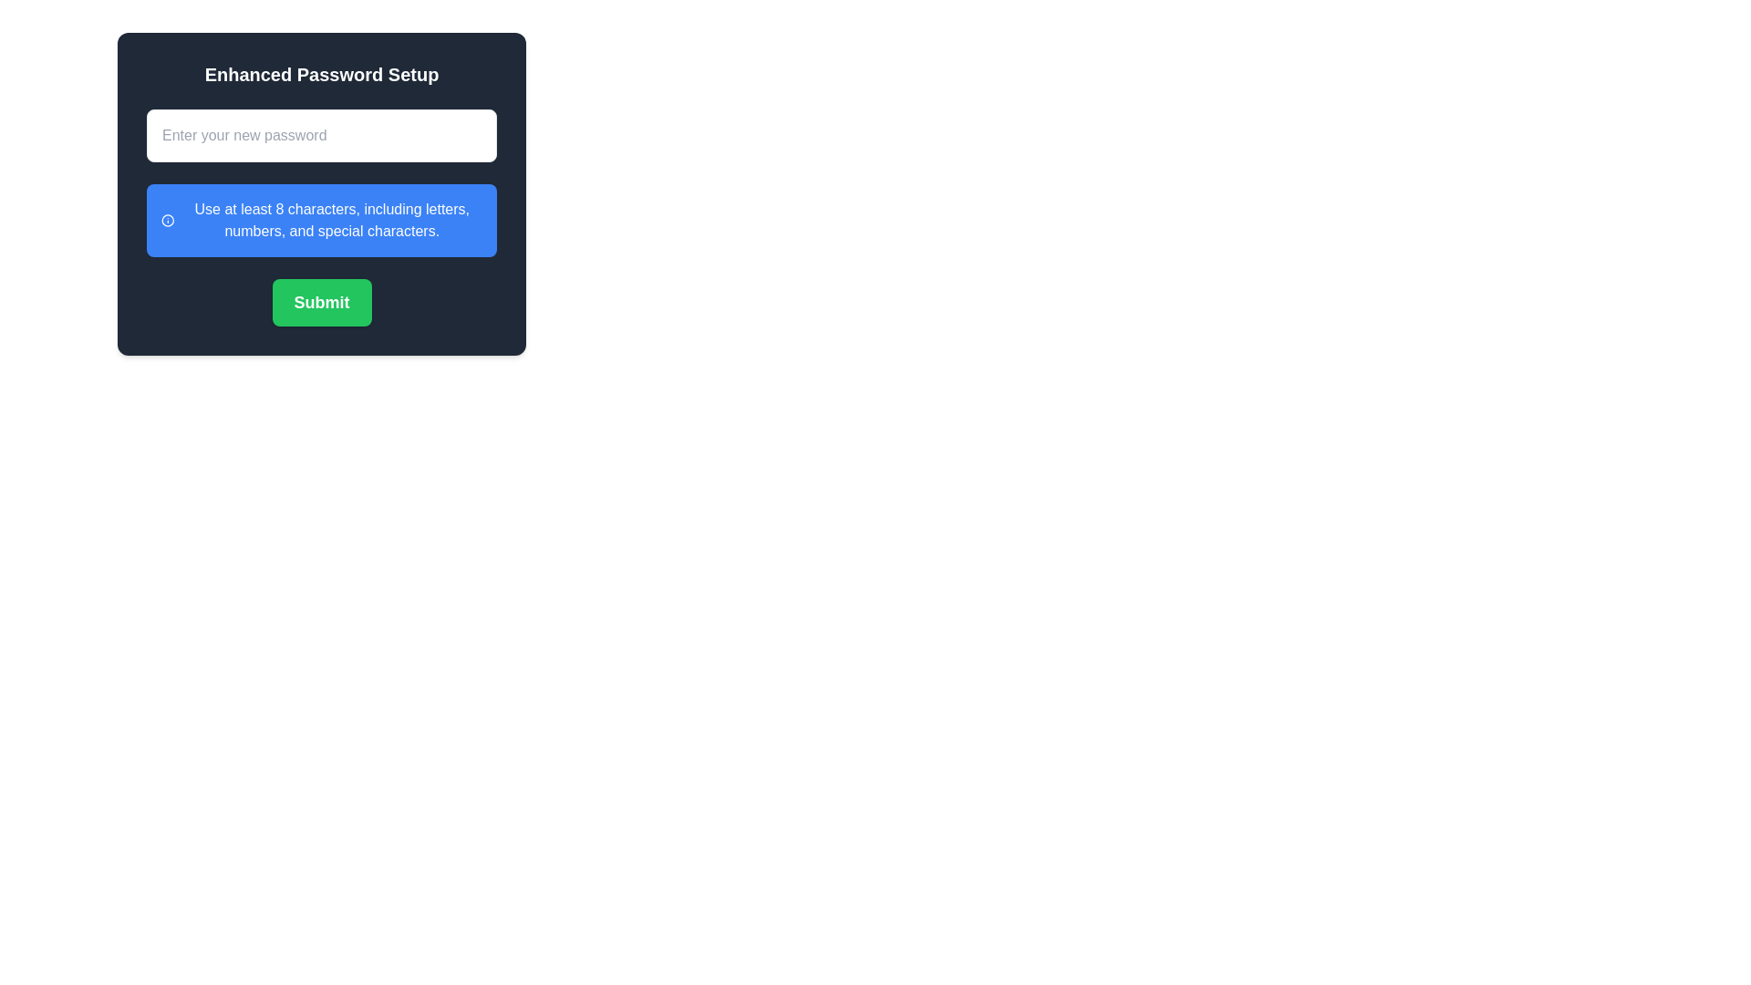 The height and width of the screenshot is (985, 1751). Describe the element at coordinates (322, 193) in the screenshot. I see `the information panel for password creation guidelines located under the title 'Enhanced Password Setup' by clicking on it` at that location.